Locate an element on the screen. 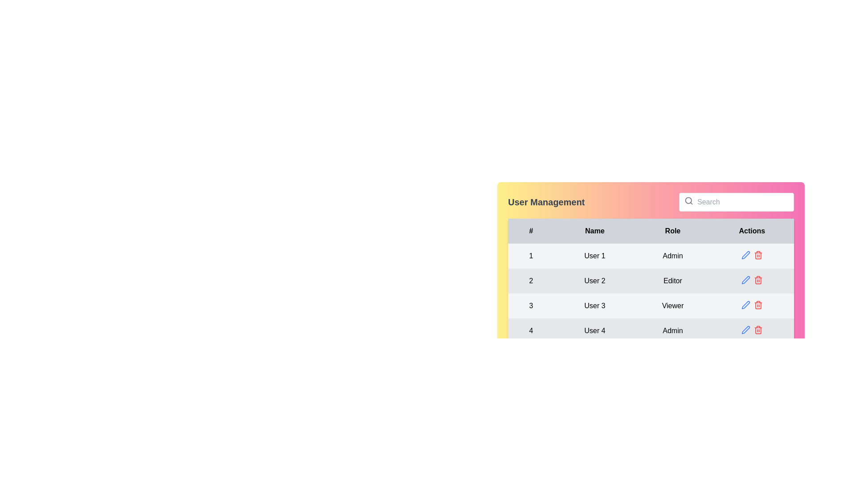  text label containing the string 'Editor' located in the 'Role' column of the second row of the table, styled with center alignment and a light gray background is located at coordinates (672, 281).